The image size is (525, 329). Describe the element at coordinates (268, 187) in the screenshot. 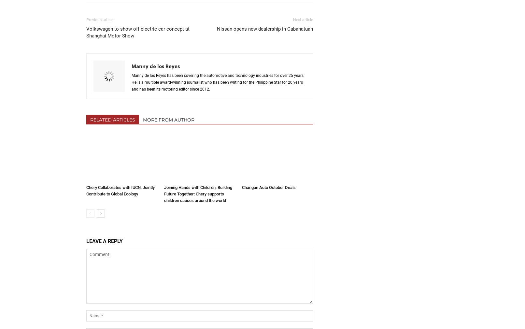

I see `'Changan Auto October Deals'` at that location.